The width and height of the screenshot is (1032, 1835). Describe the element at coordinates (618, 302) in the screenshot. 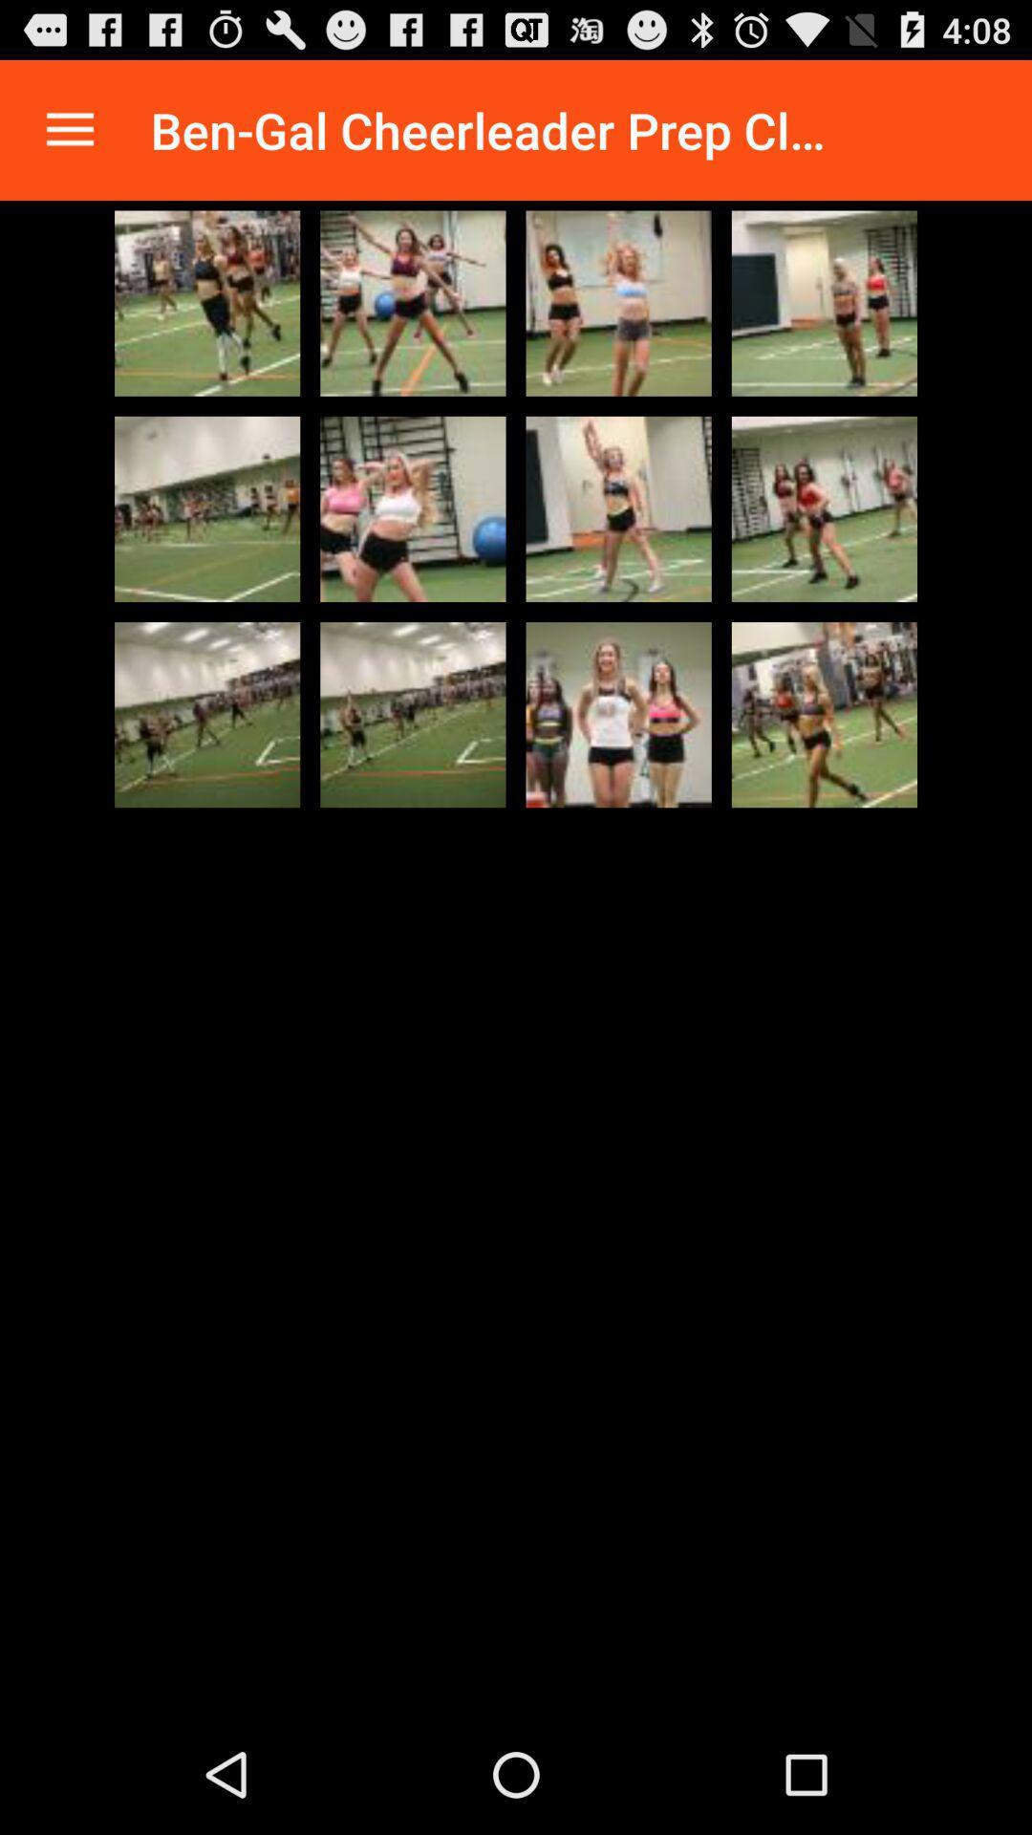

I see `picture` at that location.